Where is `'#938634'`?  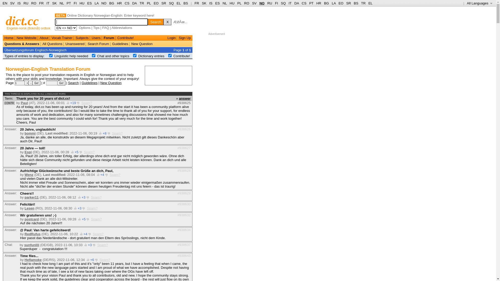
'#938634' is located at coordinates (184, 229).